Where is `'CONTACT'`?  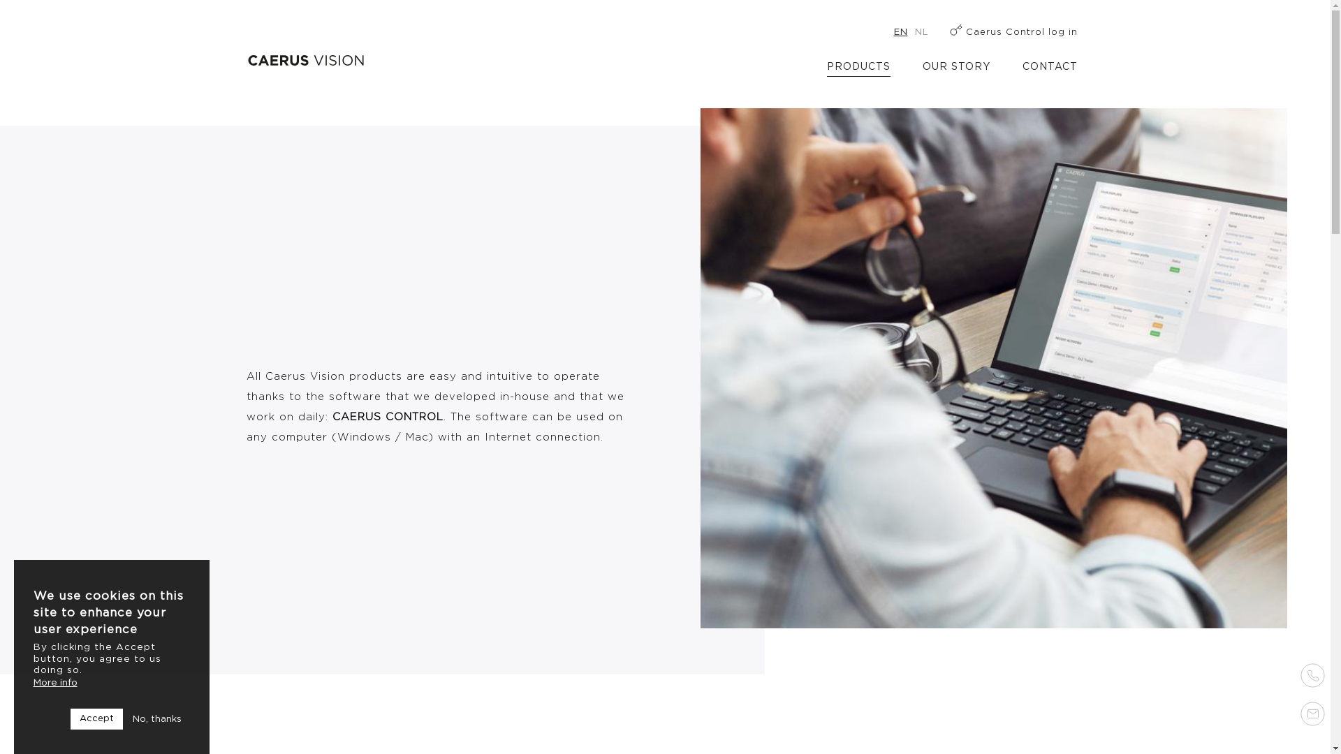
'CONTACT' is located at coordinates (1050, 70).